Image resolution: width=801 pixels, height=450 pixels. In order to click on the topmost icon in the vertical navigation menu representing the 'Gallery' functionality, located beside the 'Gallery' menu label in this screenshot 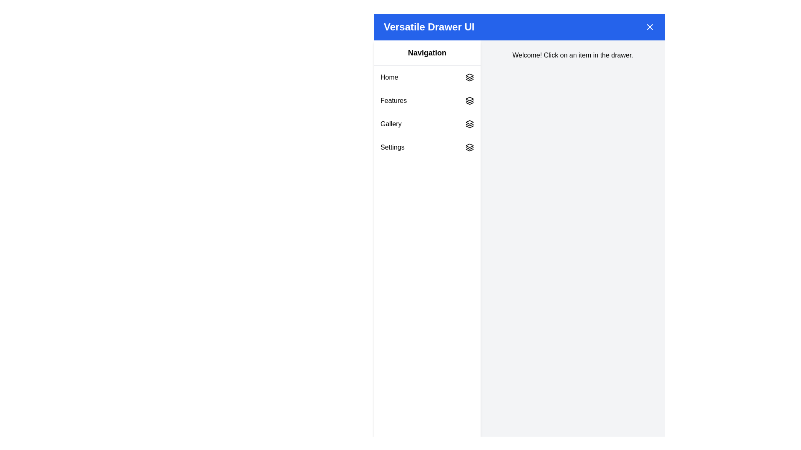, I will do `click(470, 122)`.